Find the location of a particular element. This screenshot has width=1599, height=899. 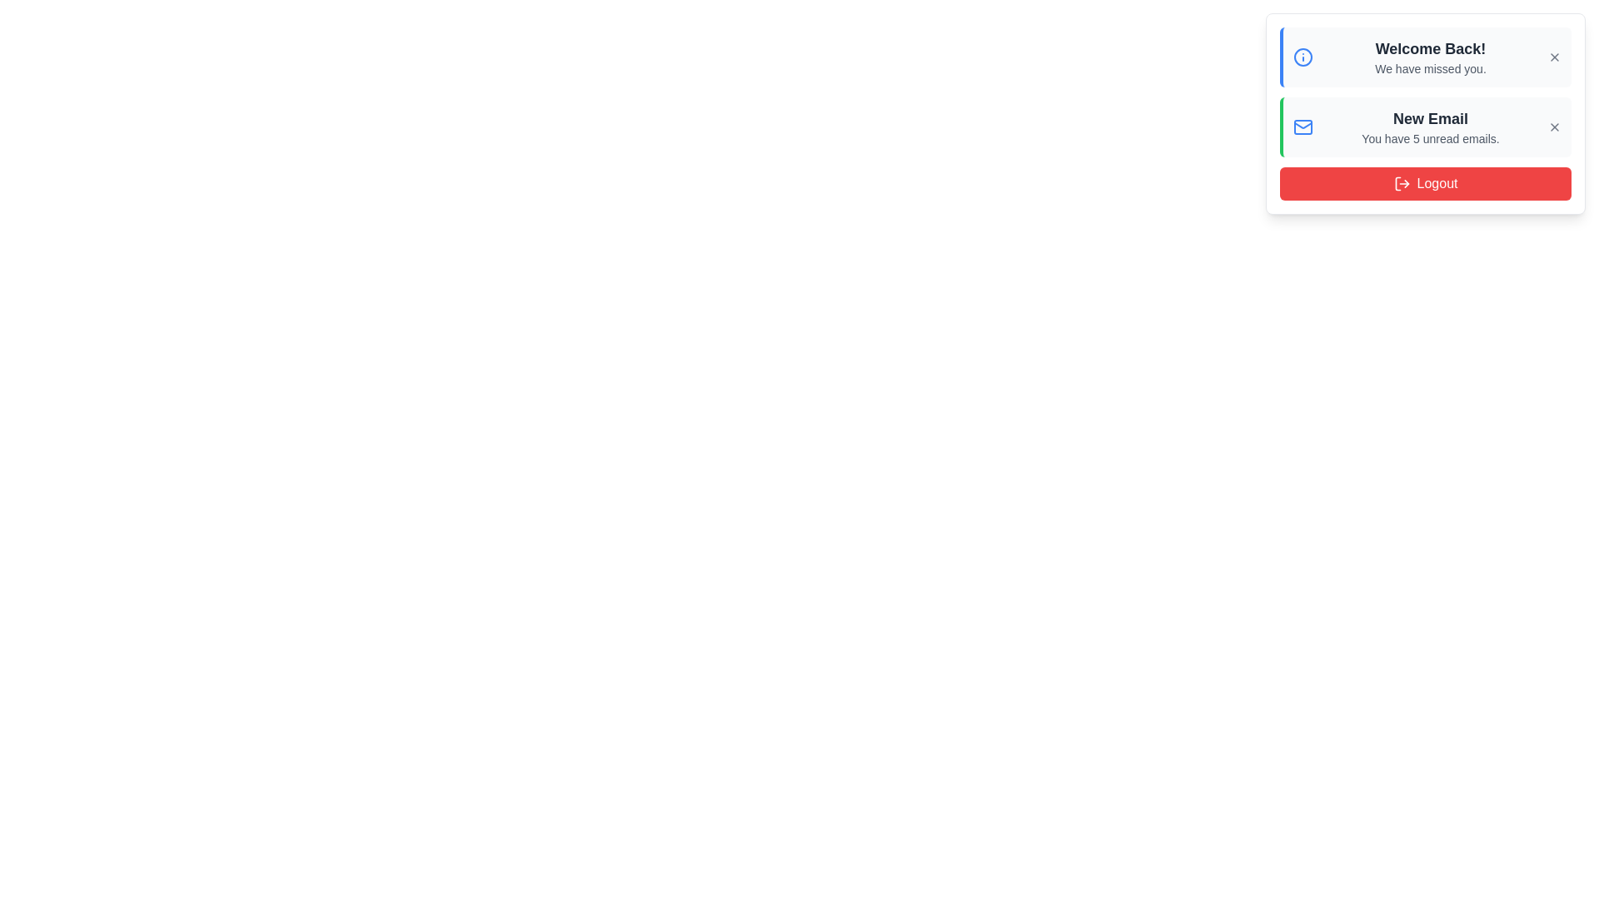

the Notification message box that indicates 'New Email' with the description 'You have 5 unread emails.' is located at coordinates (1425, 127).